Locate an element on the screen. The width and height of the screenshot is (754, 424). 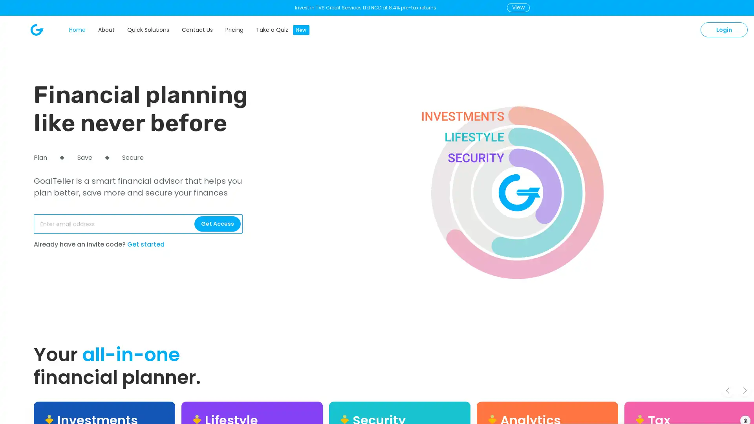
Get Access is located at coordinates (217, 224).